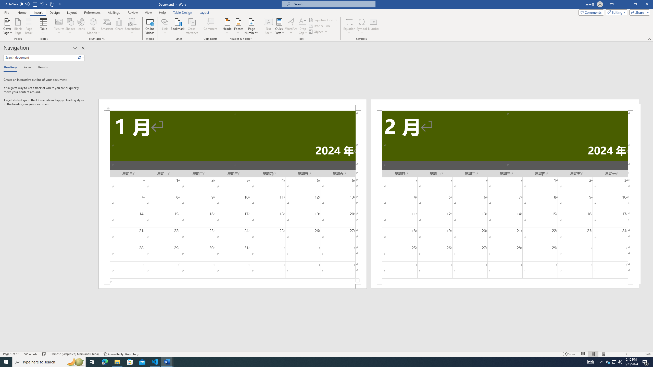  Describe the element at coordinates (323, 20) in the screenshot. I see `'Signature Line'` at that location.